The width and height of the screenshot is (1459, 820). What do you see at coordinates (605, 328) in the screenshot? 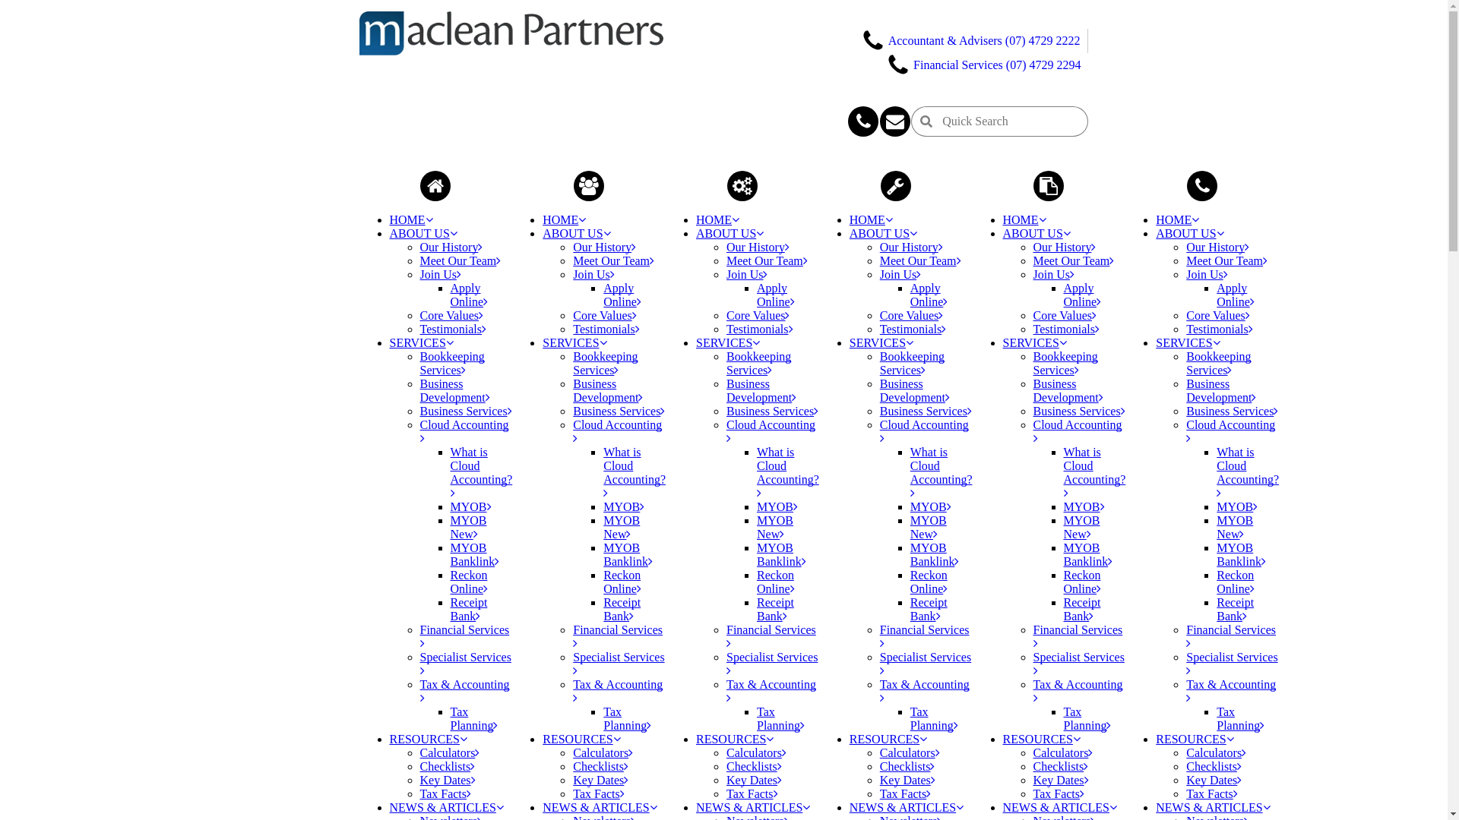
I see `'Testimonials'` at bounding box center [605, 328].